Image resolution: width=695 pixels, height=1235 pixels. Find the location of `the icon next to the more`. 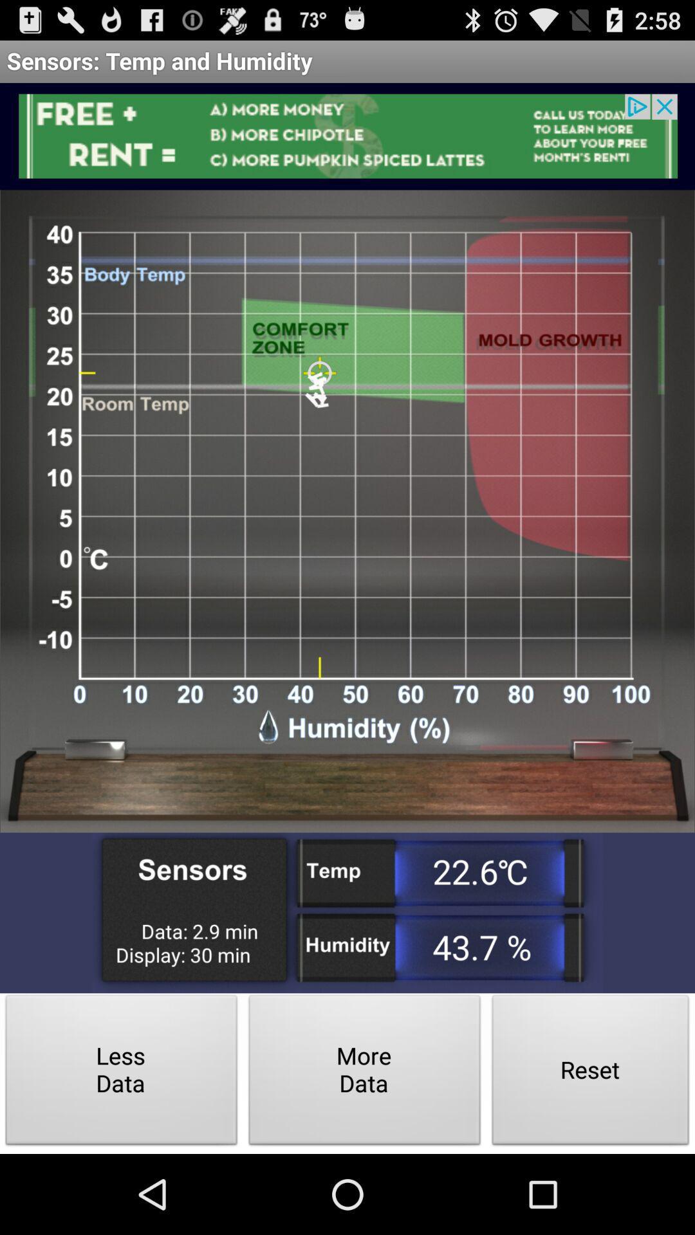

the icon next to the more is located at coordinates (591, 1074).